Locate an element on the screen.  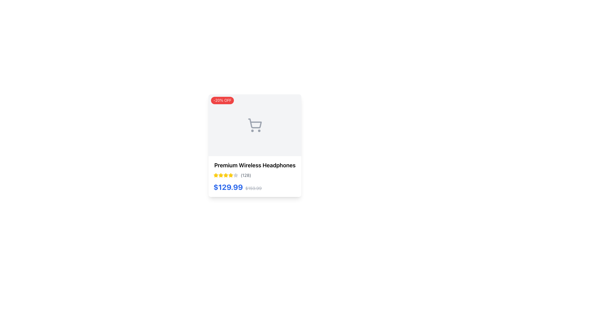
the yellow star icon, which is the first in a group of five stars located below the product title 'Premium Wireless Headphones' is located at coordinates (216, 175).